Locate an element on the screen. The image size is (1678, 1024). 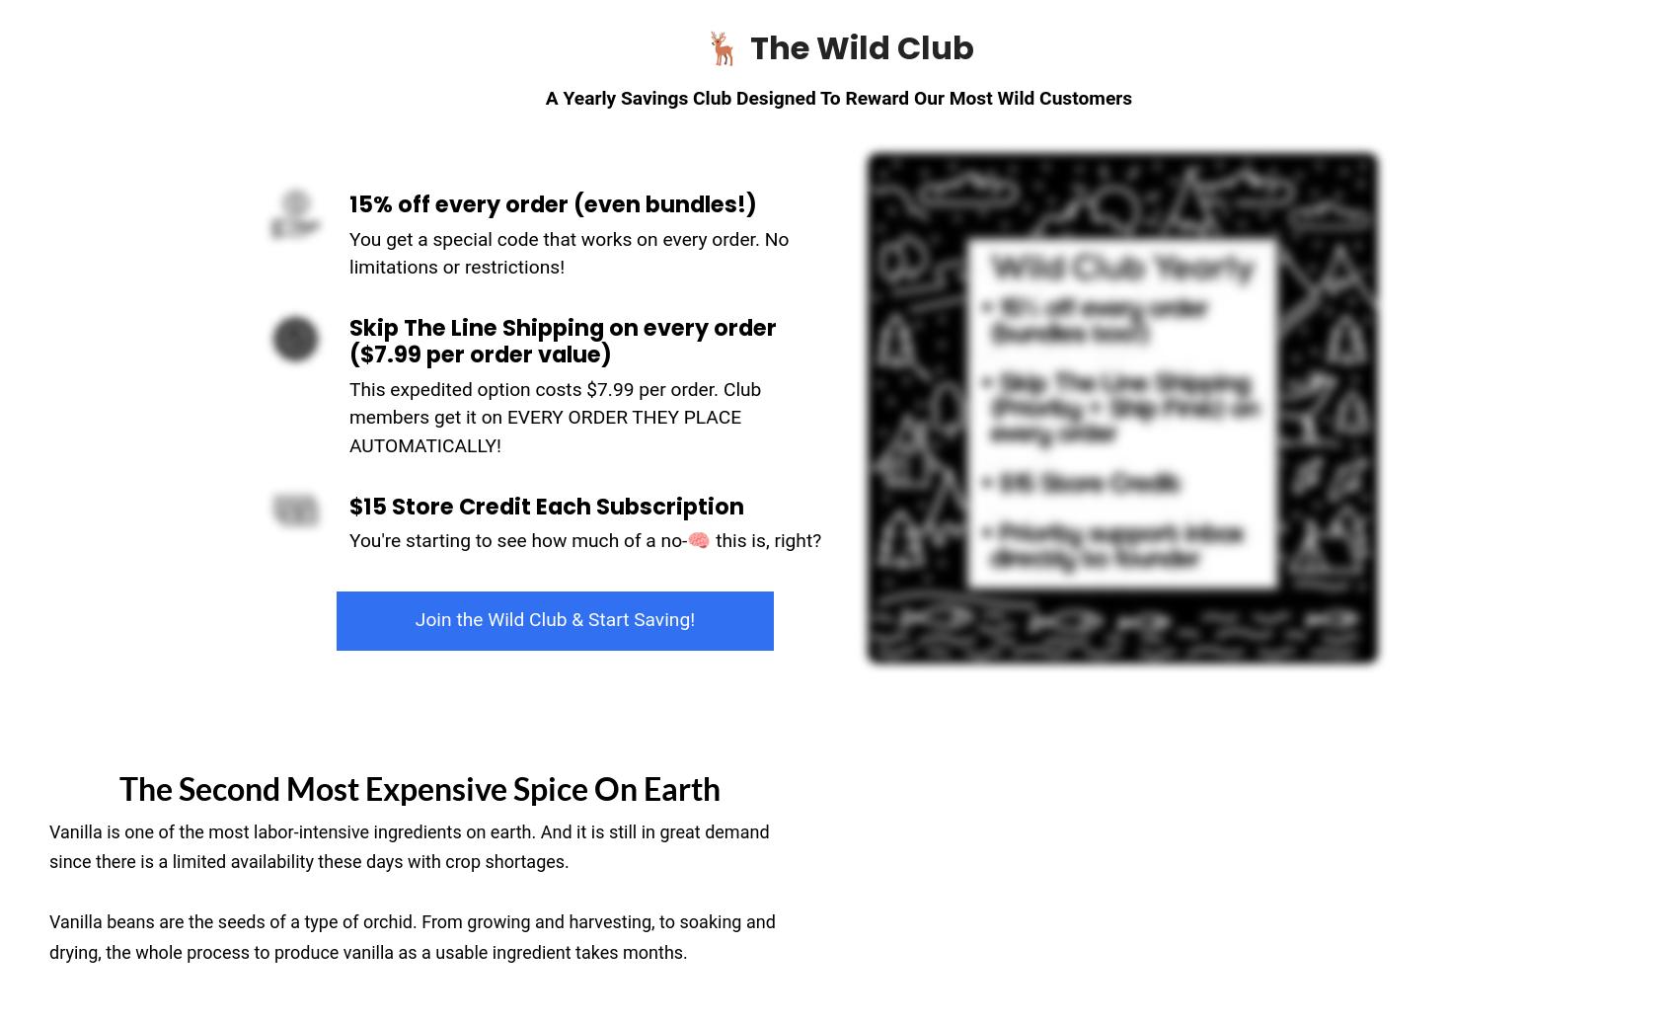
'You get a special code that works on every order. No limitations or restrictions!' is located at coordinates (568, 252).